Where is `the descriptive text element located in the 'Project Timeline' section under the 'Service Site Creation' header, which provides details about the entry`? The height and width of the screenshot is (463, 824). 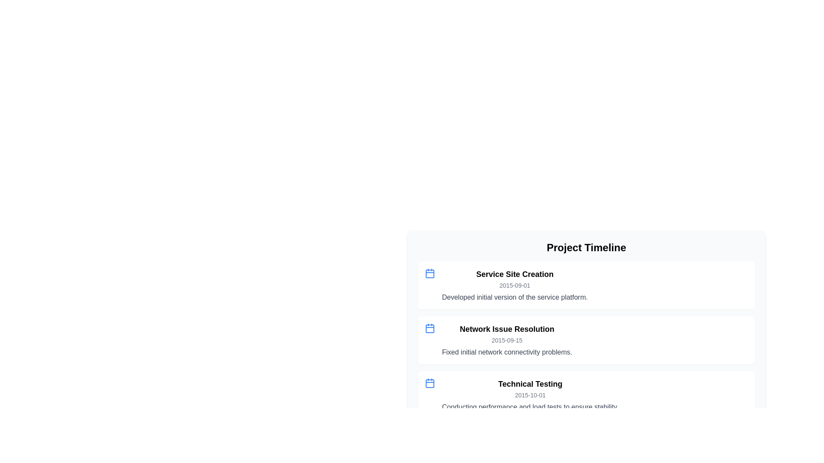
the descriptive text element located in the 'Project Timeline' section under the 'Service Site Creation' header, which provides details about the entry is located at coordinates (515, 297).